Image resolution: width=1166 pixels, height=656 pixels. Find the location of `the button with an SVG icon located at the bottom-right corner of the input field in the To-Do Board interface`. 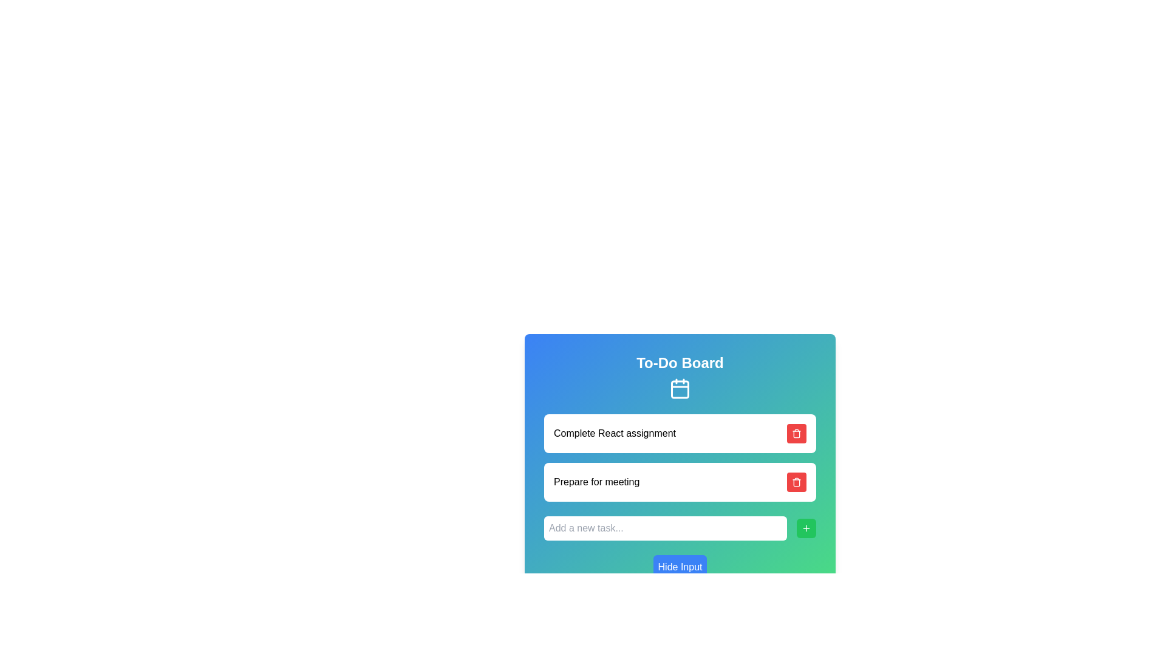

the button with an SVG icon located at the bottom-right corner of the input field in the To-Do Board interface is located at coordinates (806, 528).